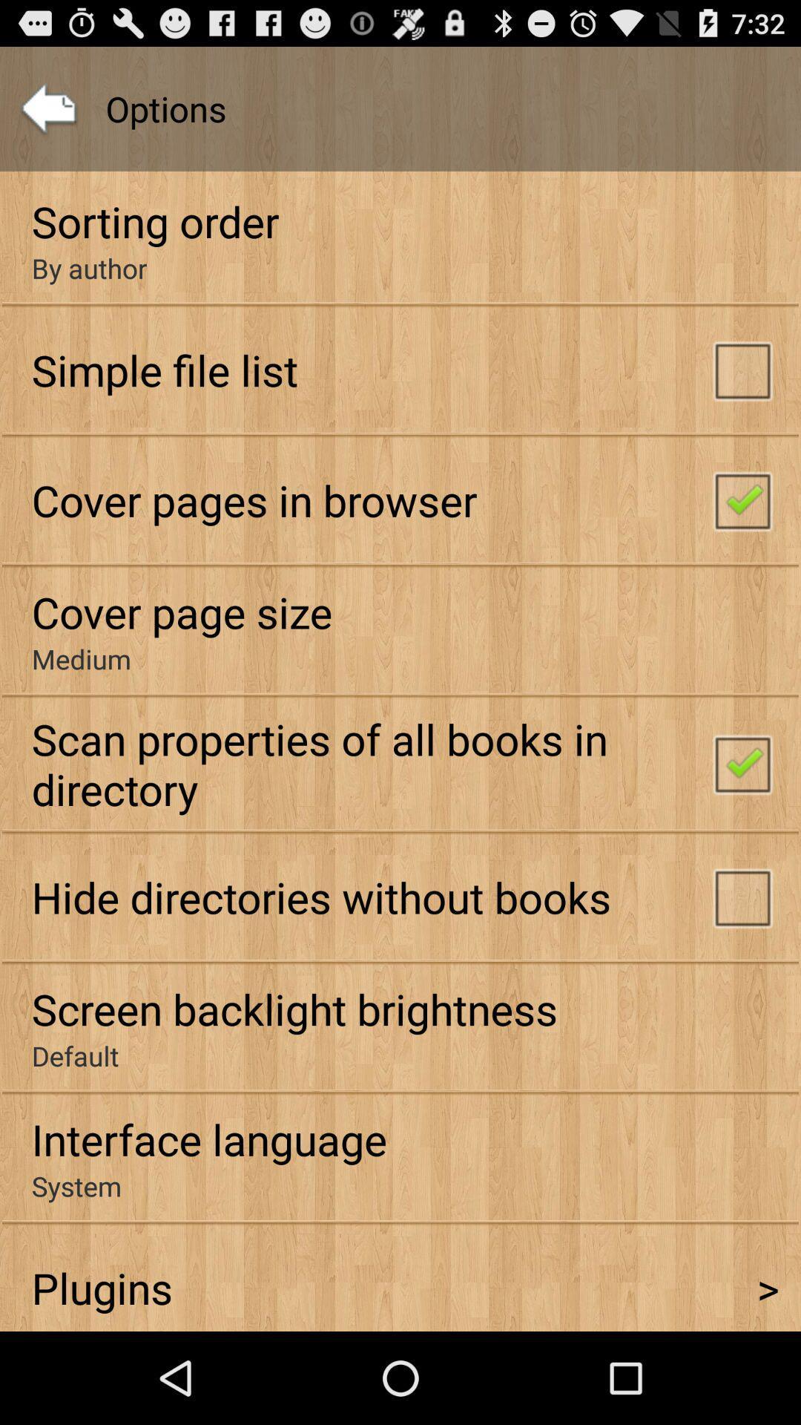 The width and height of the screenshot is (801, 1425). Describe the element at coordinates (47, 116) in the screenshot. I see `the arrow_backward icon` at that location.